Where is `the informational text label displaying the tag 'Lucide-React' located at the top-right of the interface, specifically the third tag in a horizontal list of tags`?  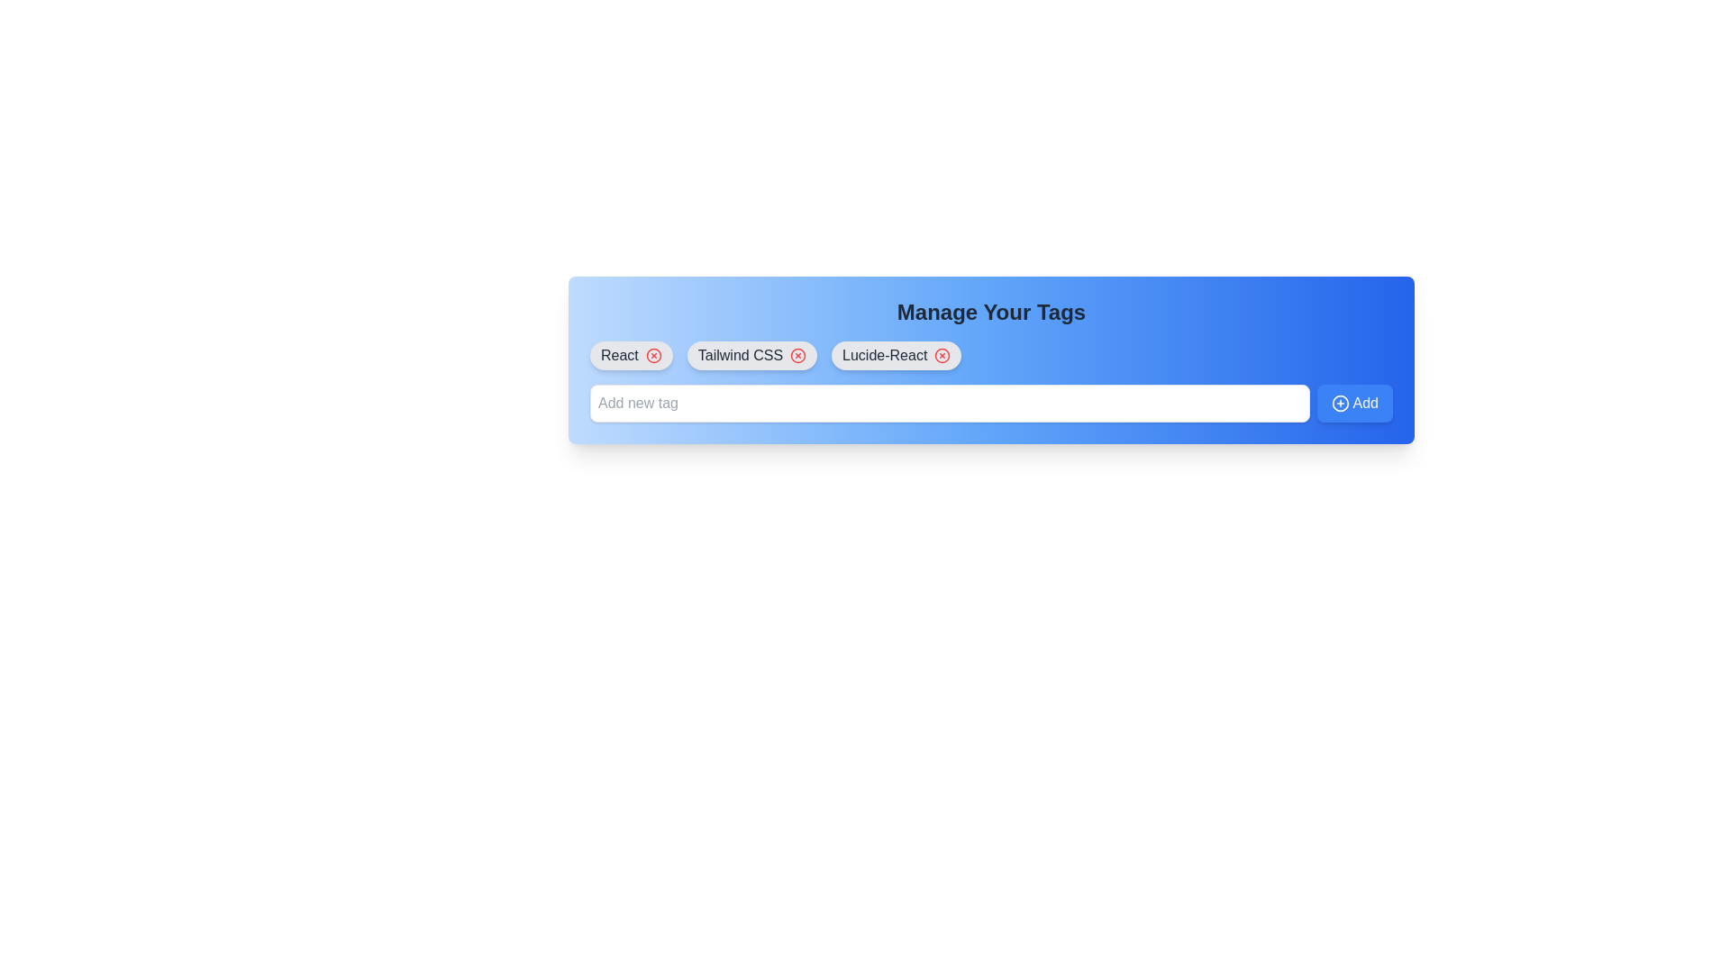
the informational text label displaying the tag 'Lucide-React' located at the top-right of the interface, specifically the third tag in a horizontal list of tags is located at coordinates (885, 355).